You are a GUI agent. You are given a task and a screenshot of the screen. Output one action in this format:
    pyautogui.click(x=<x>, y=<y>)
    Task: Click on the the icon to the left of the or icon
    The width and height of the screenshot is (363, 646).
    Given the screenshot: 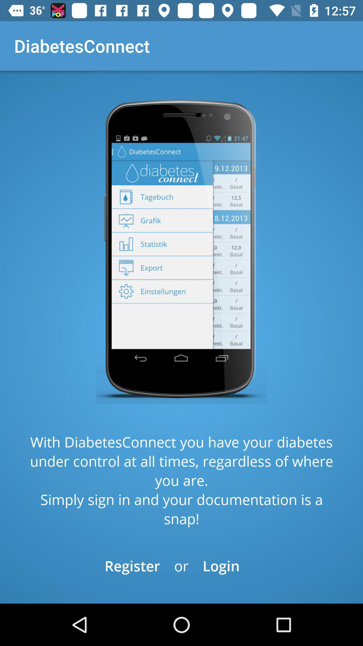 What is the action you would take?
    pyautogui.click(x=132, y=565)
    